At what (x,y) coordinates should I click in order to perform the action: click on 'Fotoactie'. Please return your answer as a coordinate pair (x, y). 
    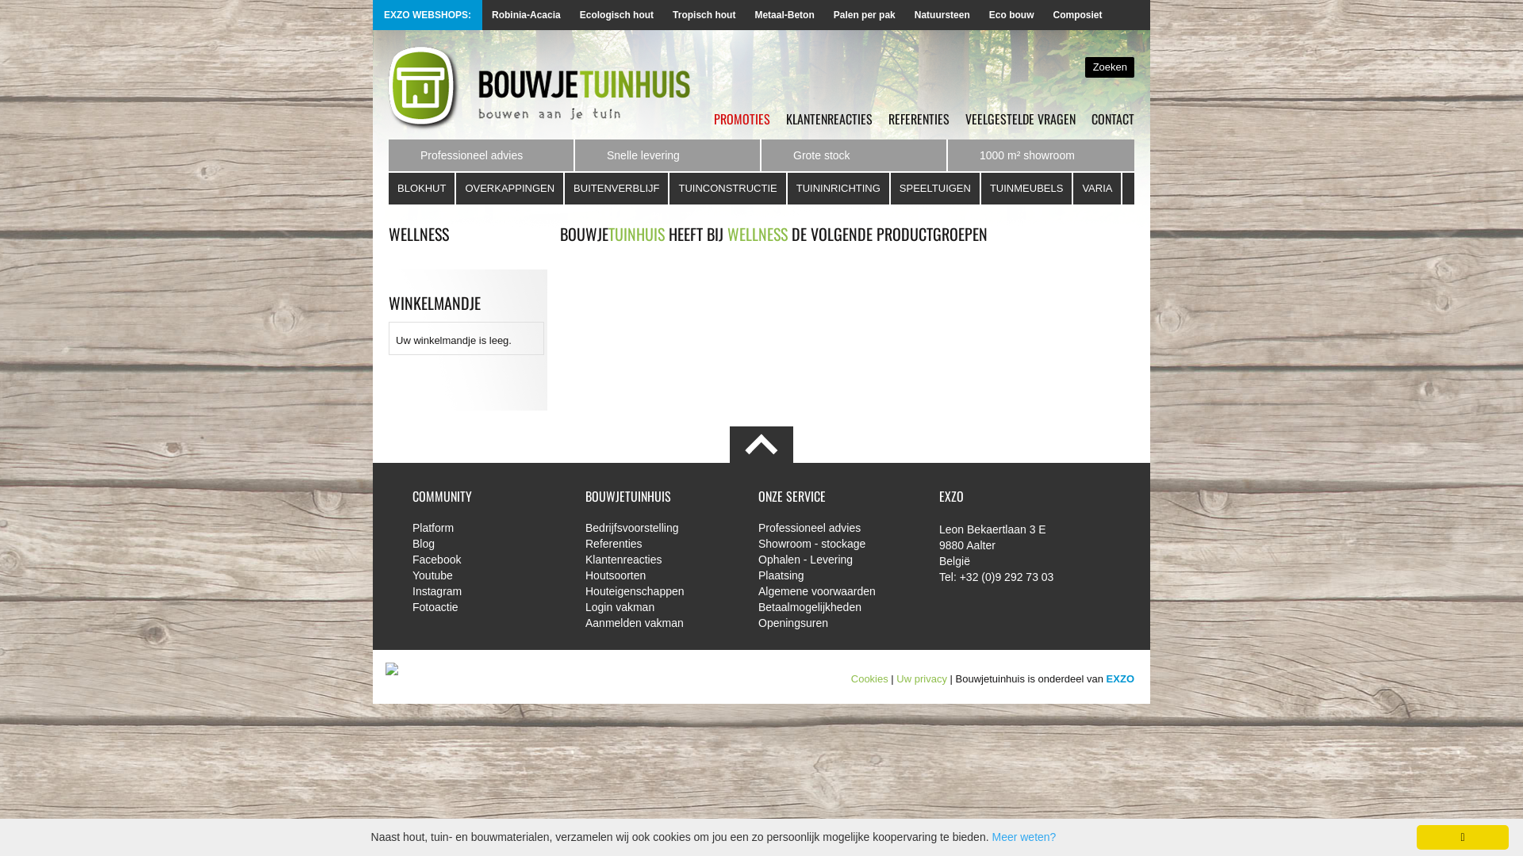
    Looking at the image, I should click on (486, 606).